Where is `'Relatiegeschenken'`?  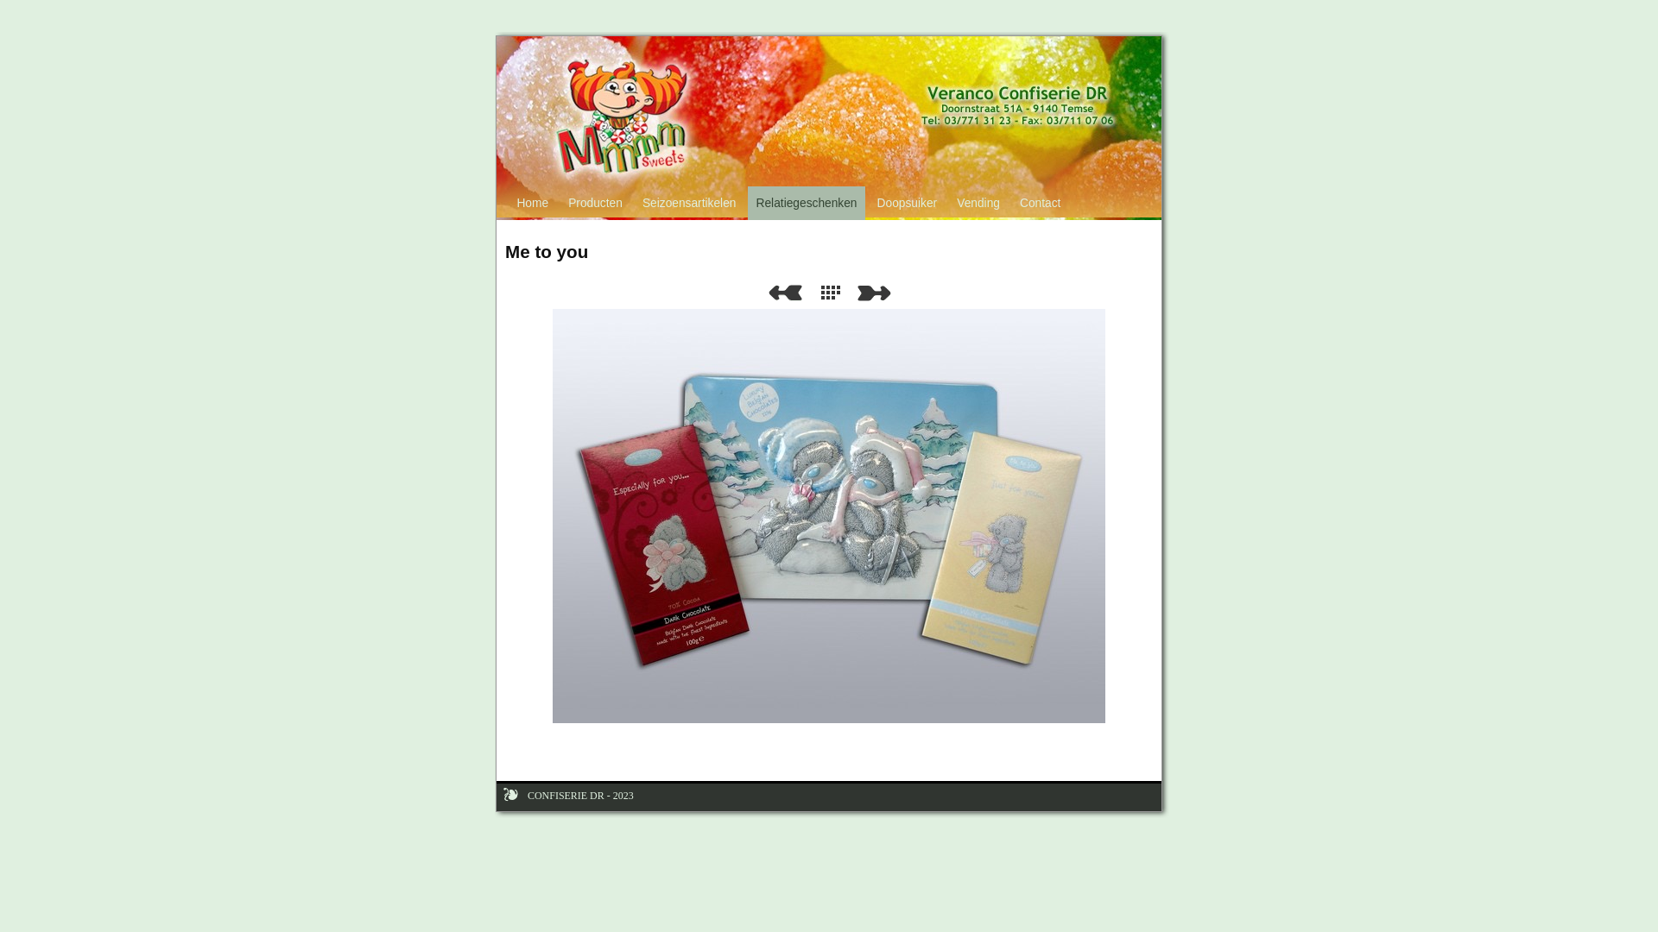
'Relatiegeschenken' is located at coordinates (806, 202).